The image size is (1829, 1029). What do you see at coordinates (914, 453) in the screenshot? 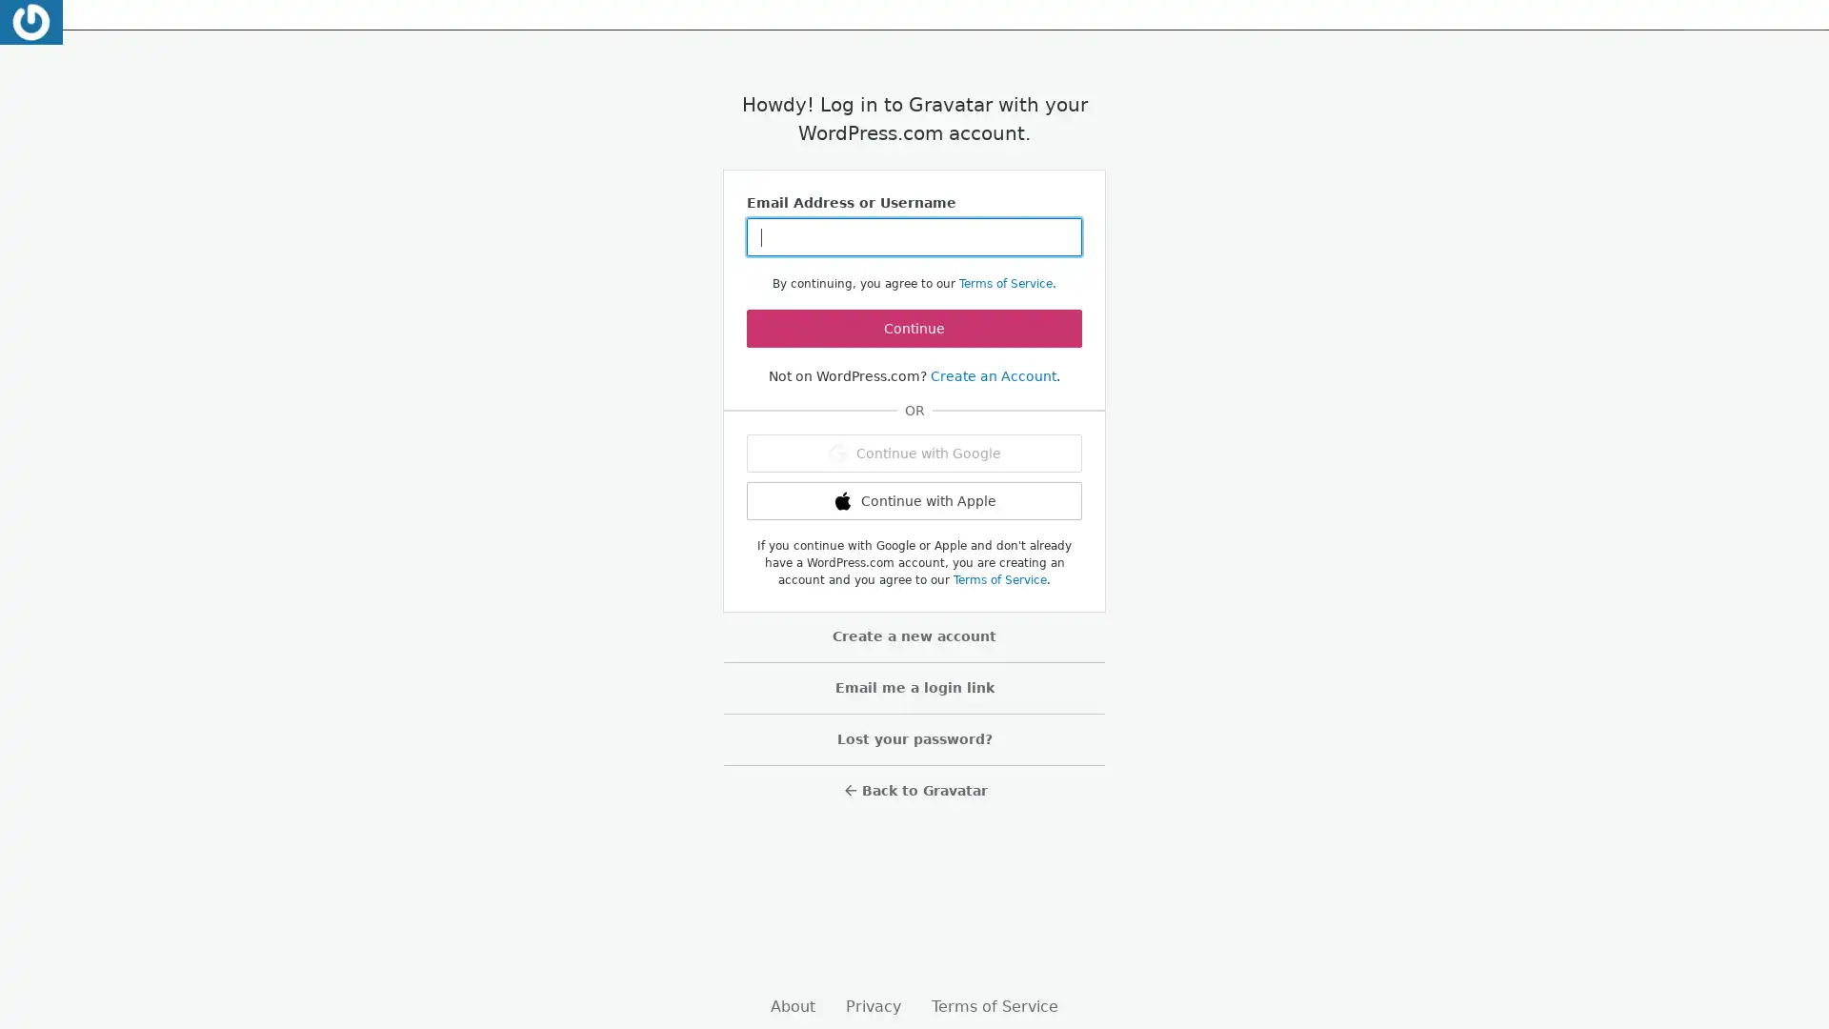
I see `Continue with Google` at bounding box center [914, 453].